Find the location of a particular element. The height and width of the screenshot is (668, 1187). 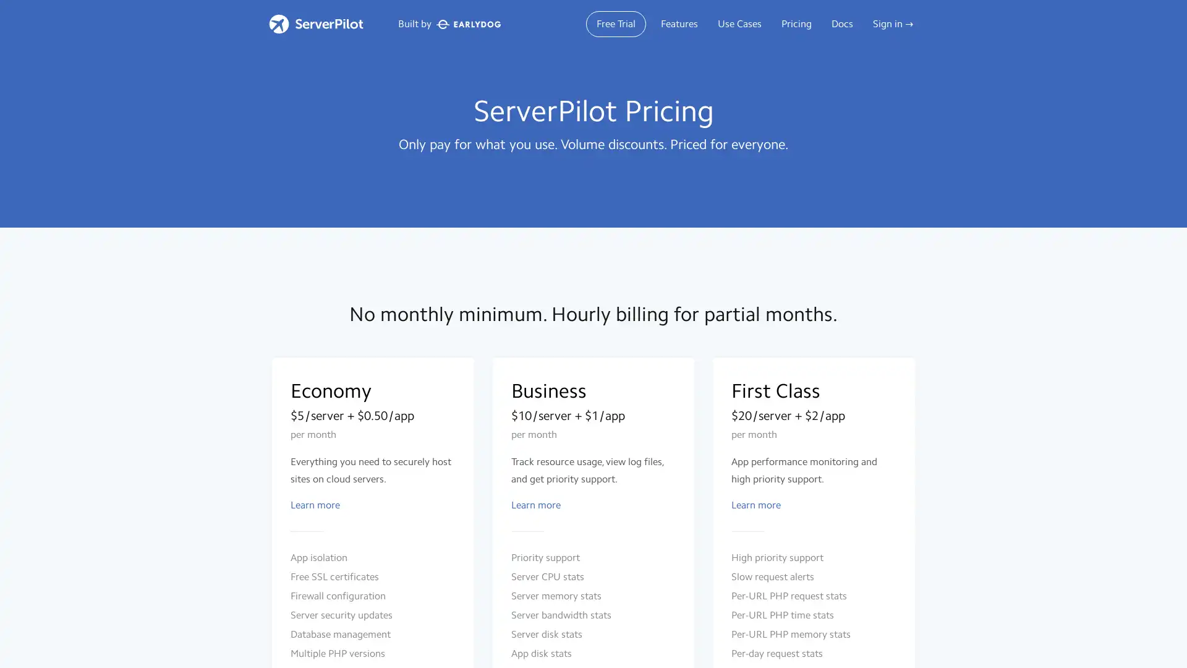

Docs is located at coordinates (841, 24).